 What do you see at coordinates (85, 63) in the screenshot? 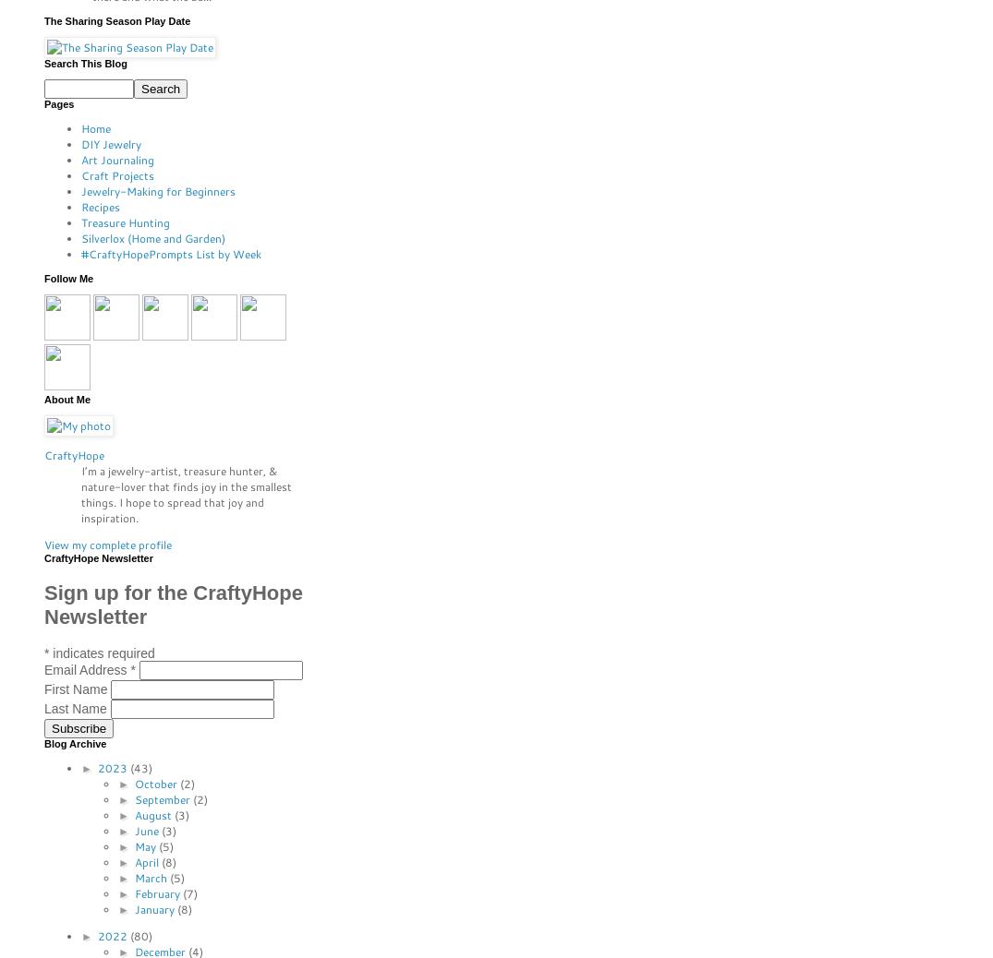
I see `'Search This Blog'` at bounding box center [85, 63].